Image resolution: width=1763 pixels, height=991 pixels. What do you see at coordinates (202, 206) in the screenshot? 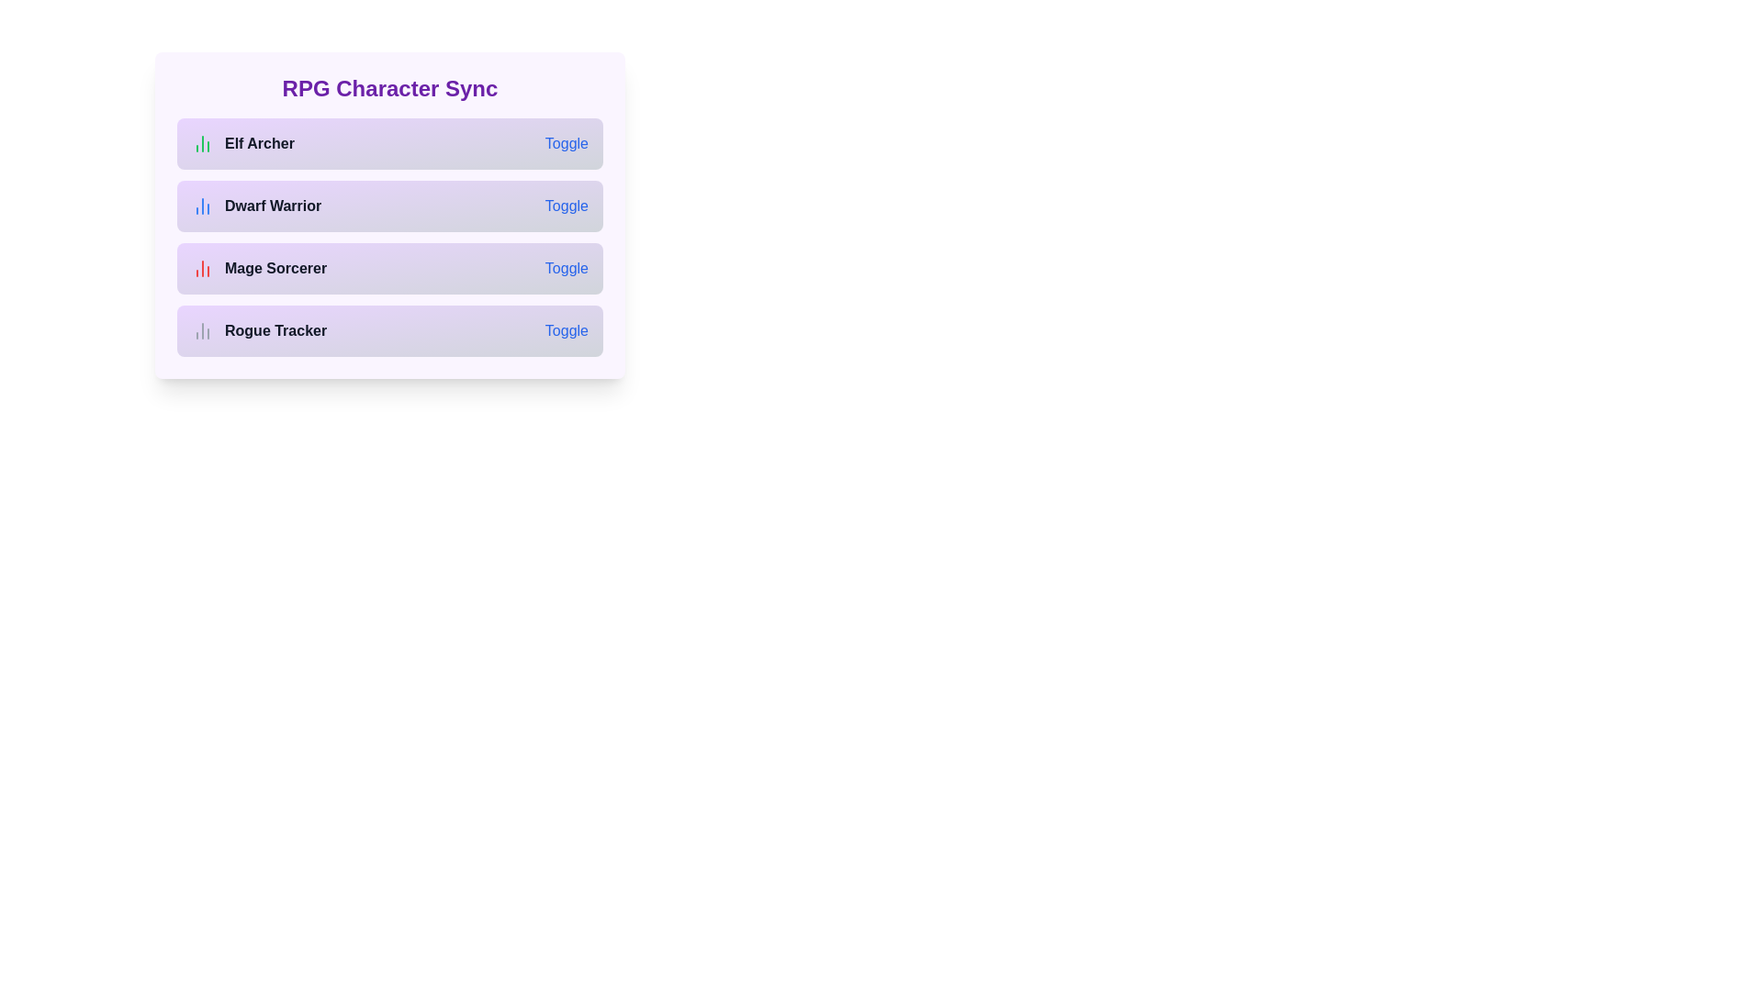
I see `the blue bar chart icon located in the second row of the options list, which precedes the text 'Dwarf Warrior'` at bounding box center [202, 206].